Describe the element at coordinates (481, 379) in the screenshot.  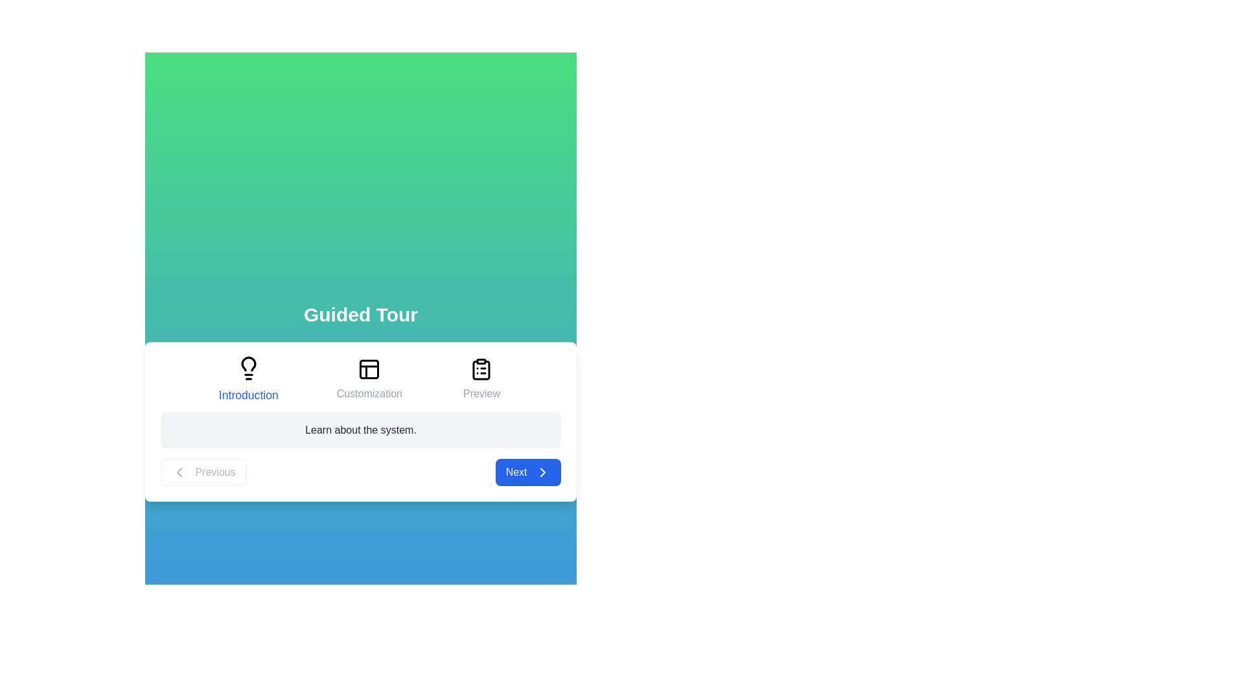
I see `the title or icon of the step Preview to navigate to it` at that location.